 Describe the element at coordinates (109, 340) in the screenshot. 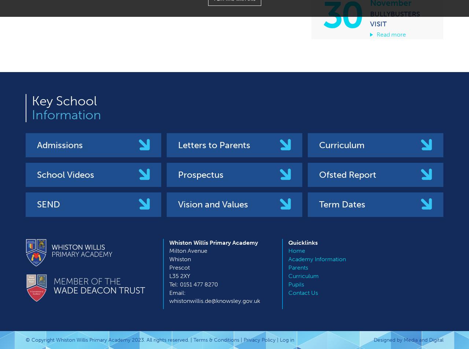

I see `'© Copyright Whiston Willis Primary Academy 2023. All rights reserved. |'` at that location.